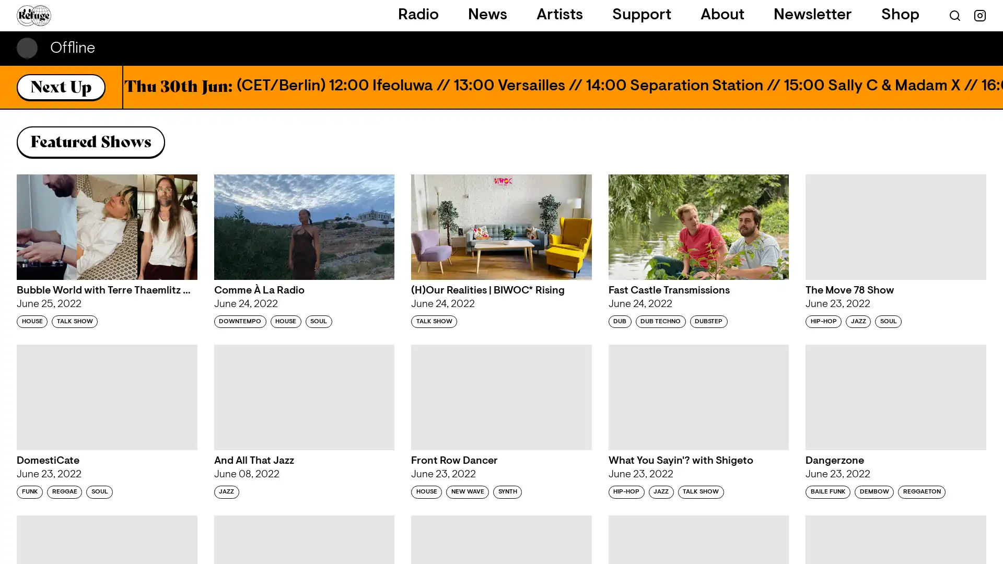  I want to click on What You Sayin'? with Shigeto, so click(698, 397).